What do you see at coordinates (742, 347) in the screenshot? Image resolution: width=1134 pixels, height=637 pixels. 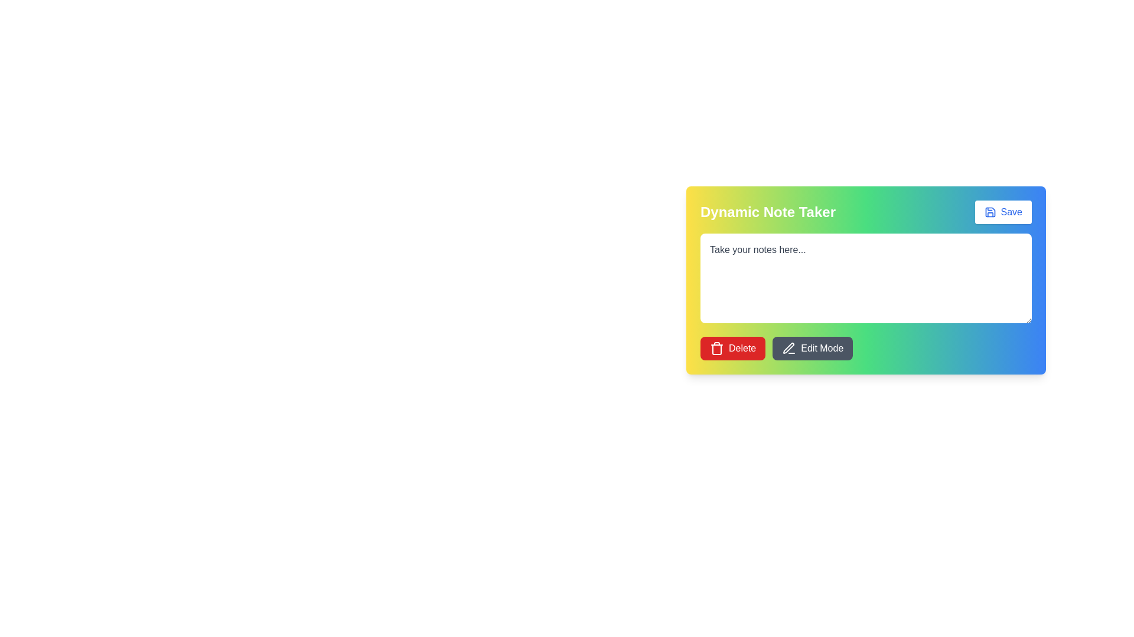 I see `the delete button located in the bottom-left of the note-taking panel` at bounding box center [742, 347].